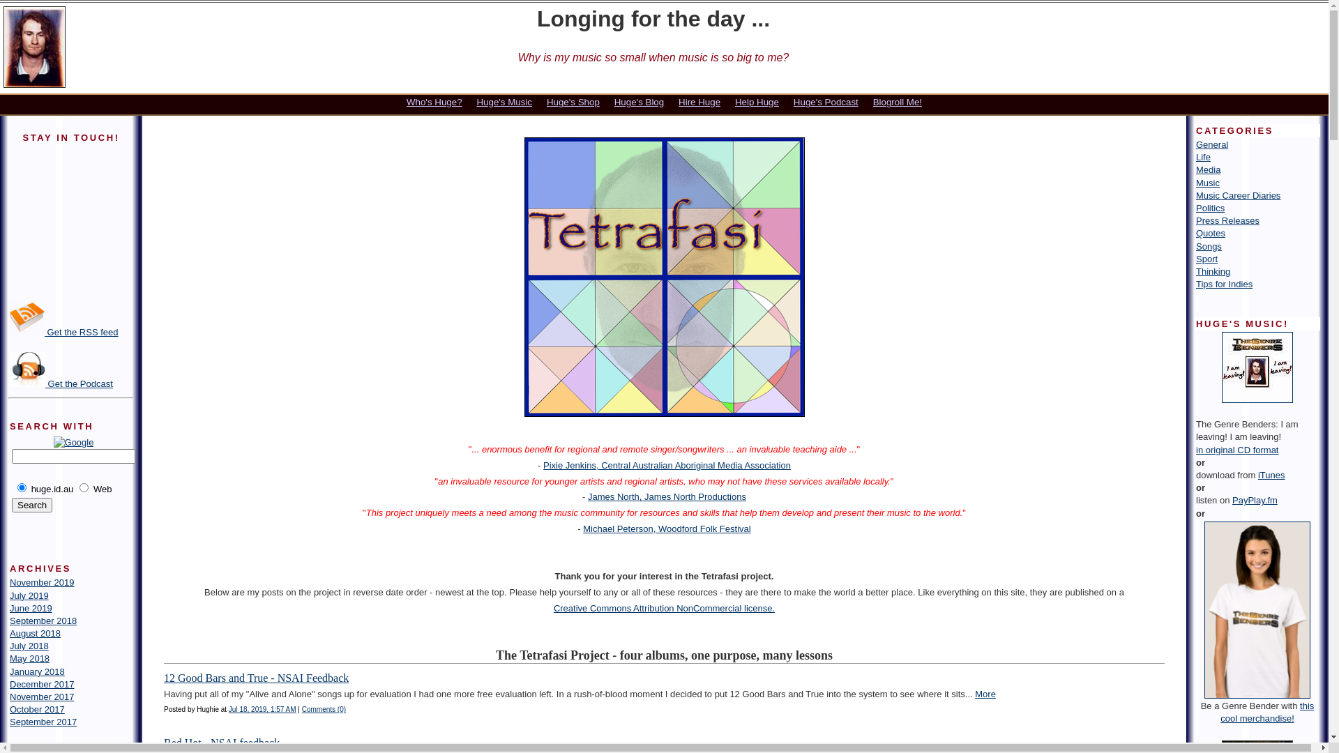 The image size is (1339, 753). What do you see at coordinates (1202, 157) in the screenshot?
I see `'Life'` at bounding box center [1202, 157].